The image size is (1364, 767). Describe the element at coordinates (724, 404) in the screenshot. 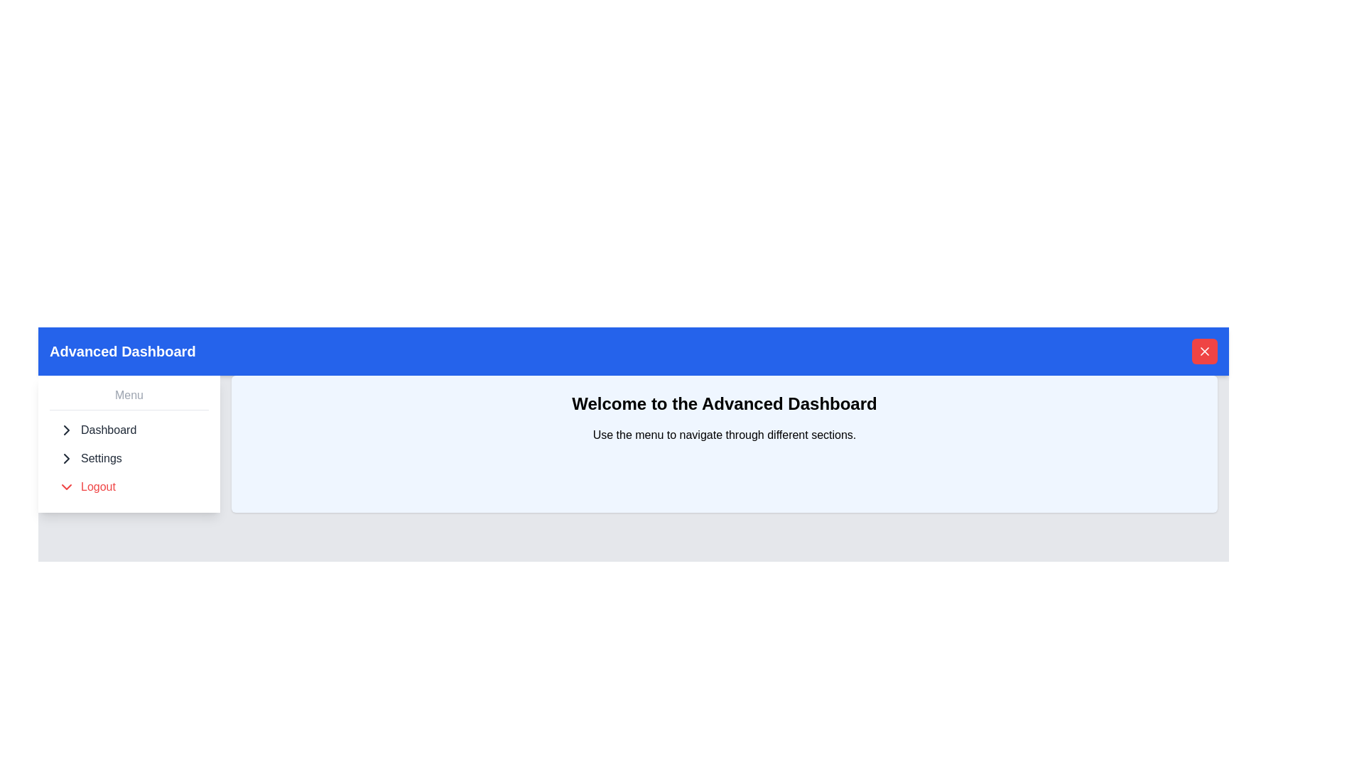

I see `the header text element stating 'Welcome to the Advanced Dashboard', which is styled with a large, bold font and positioned at the top of a card-like section with a light blue background` at that location.